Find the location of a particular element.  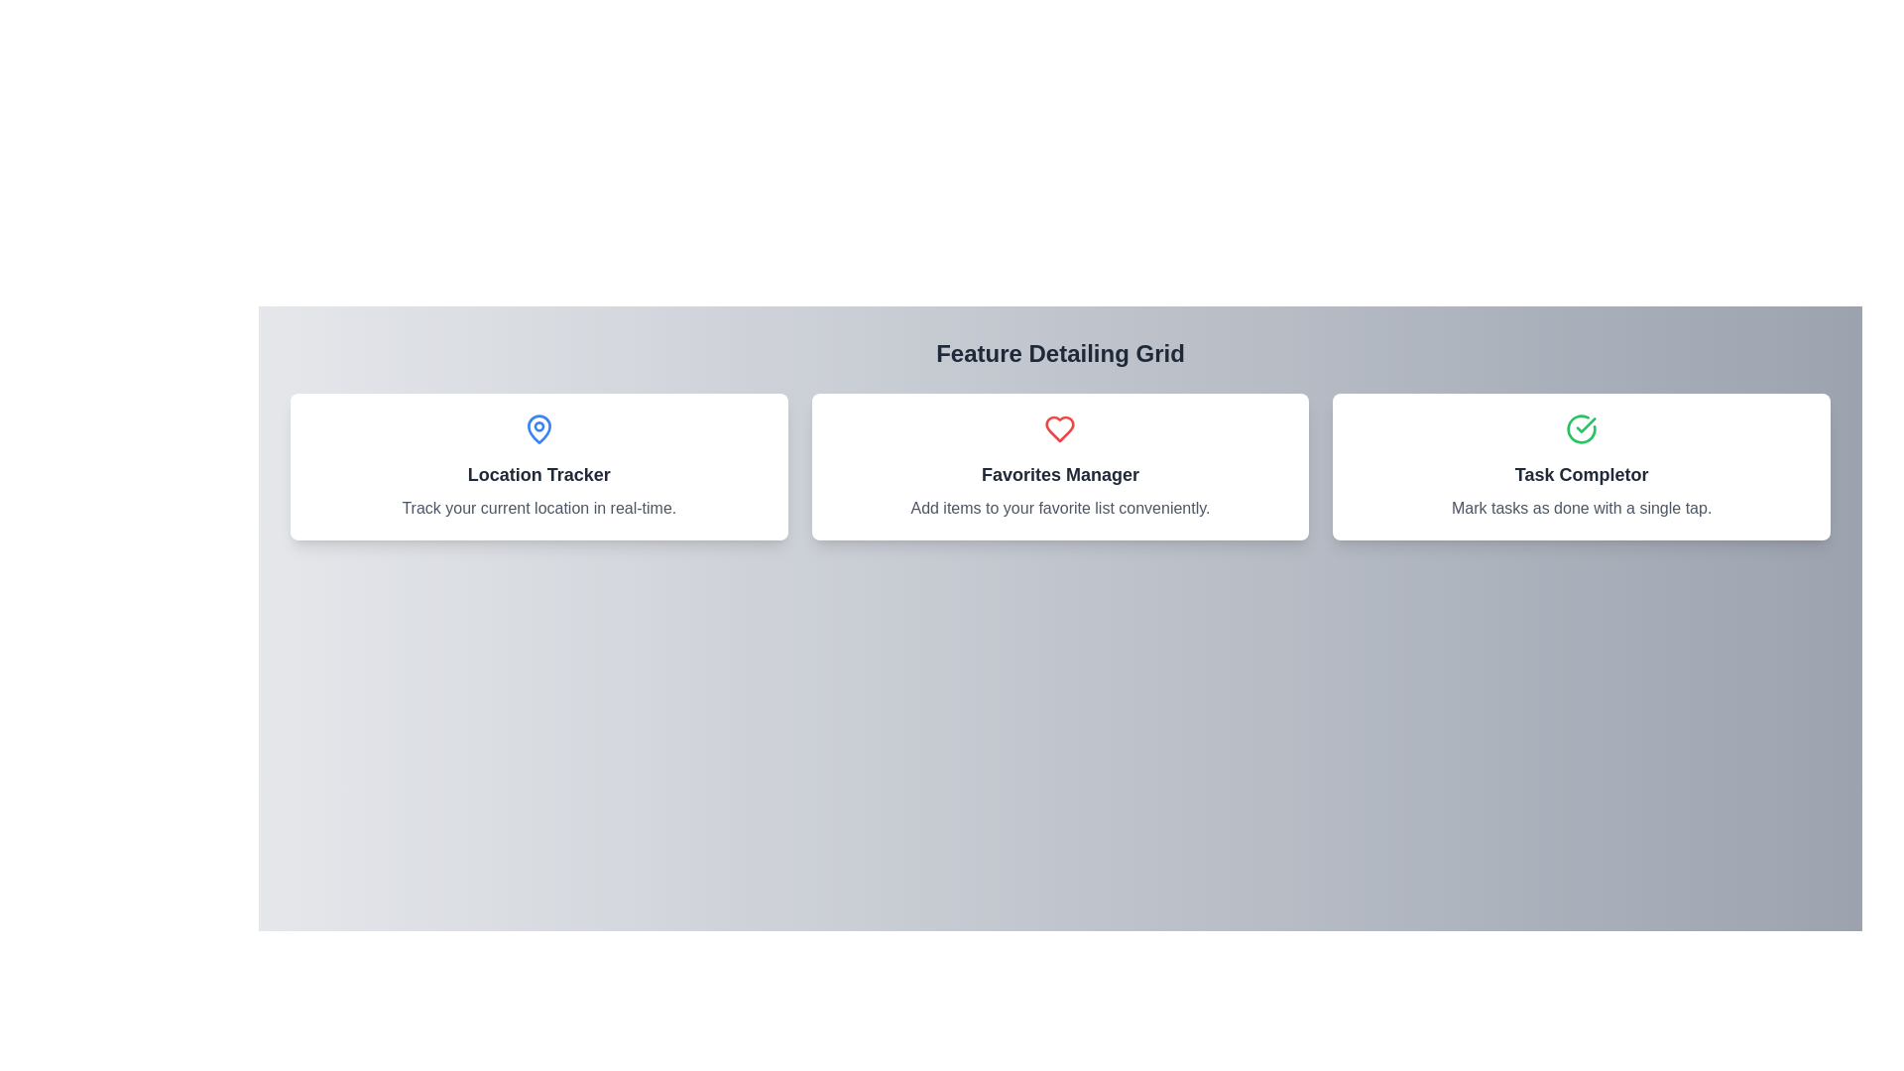

the 'Task Completor' text label, which is the primary heading displayed in a bold, large font within a rectangular card in the third column of a three-column grid is located at coordinates (1581, 474).